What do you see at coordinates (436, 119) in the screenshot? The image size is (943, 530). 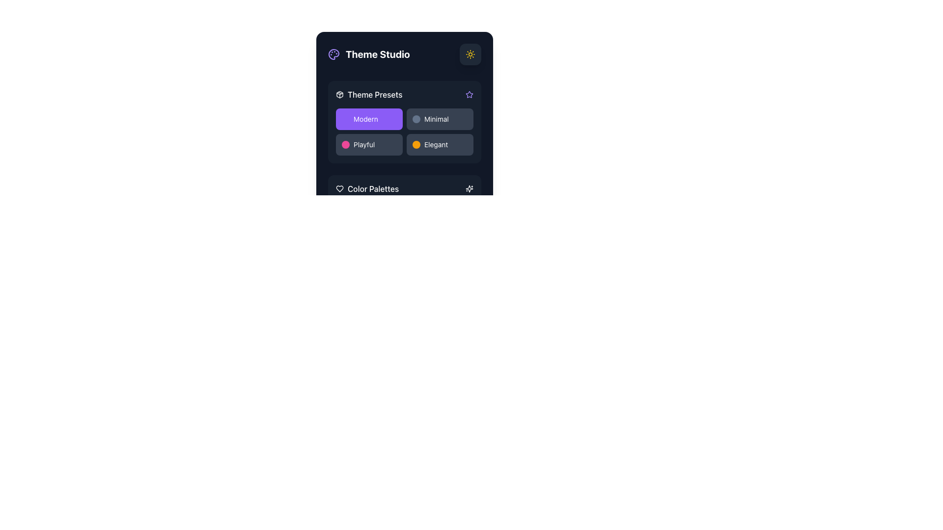 I see `text label indicating the theme preset named 'Minimal' located in the upper-right part of the interface inside a rounded rectangular button` at bounding box center [436, 119].